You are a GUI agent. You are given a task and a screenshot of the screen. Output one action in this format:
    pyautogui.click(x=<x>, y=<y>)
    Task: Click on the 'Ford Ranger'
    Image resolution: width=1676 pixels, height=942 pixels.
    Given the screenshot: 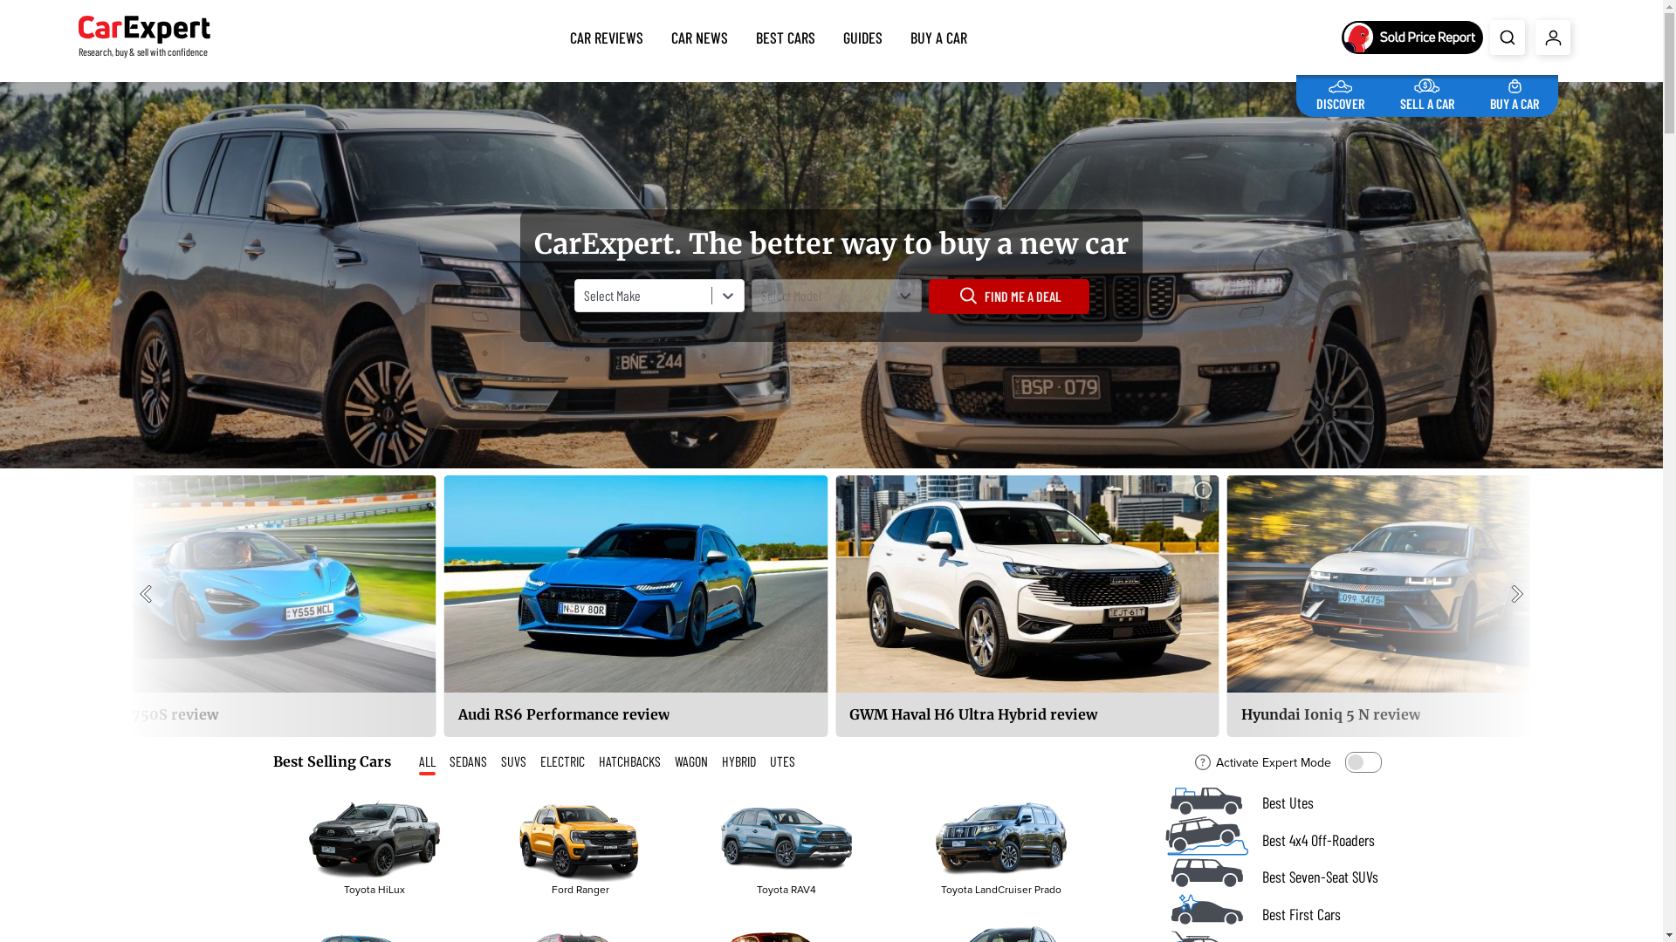 What is the action you would take?
    pyautogui.click(x=514, y=837)
    